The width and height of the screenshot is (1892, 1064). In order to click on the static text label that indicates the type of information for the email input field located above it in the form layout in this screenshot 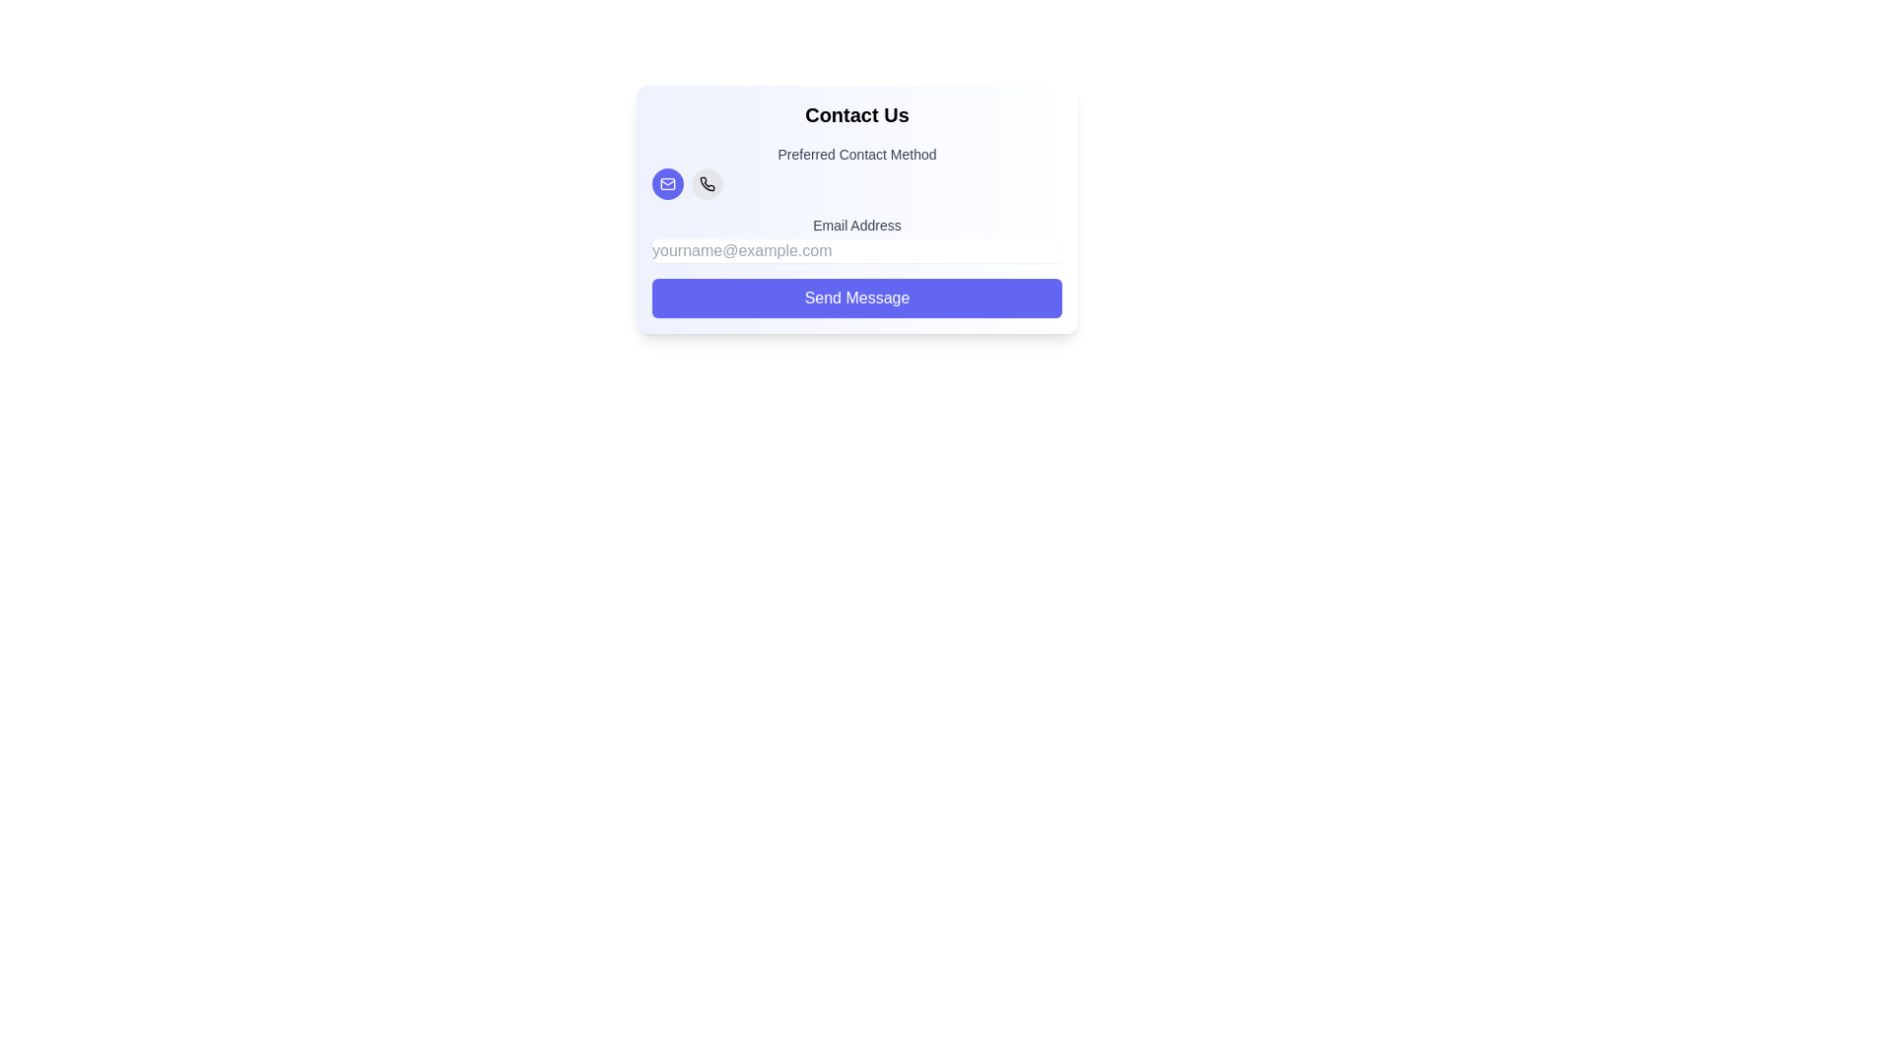, I will do `click(856, 224)`.